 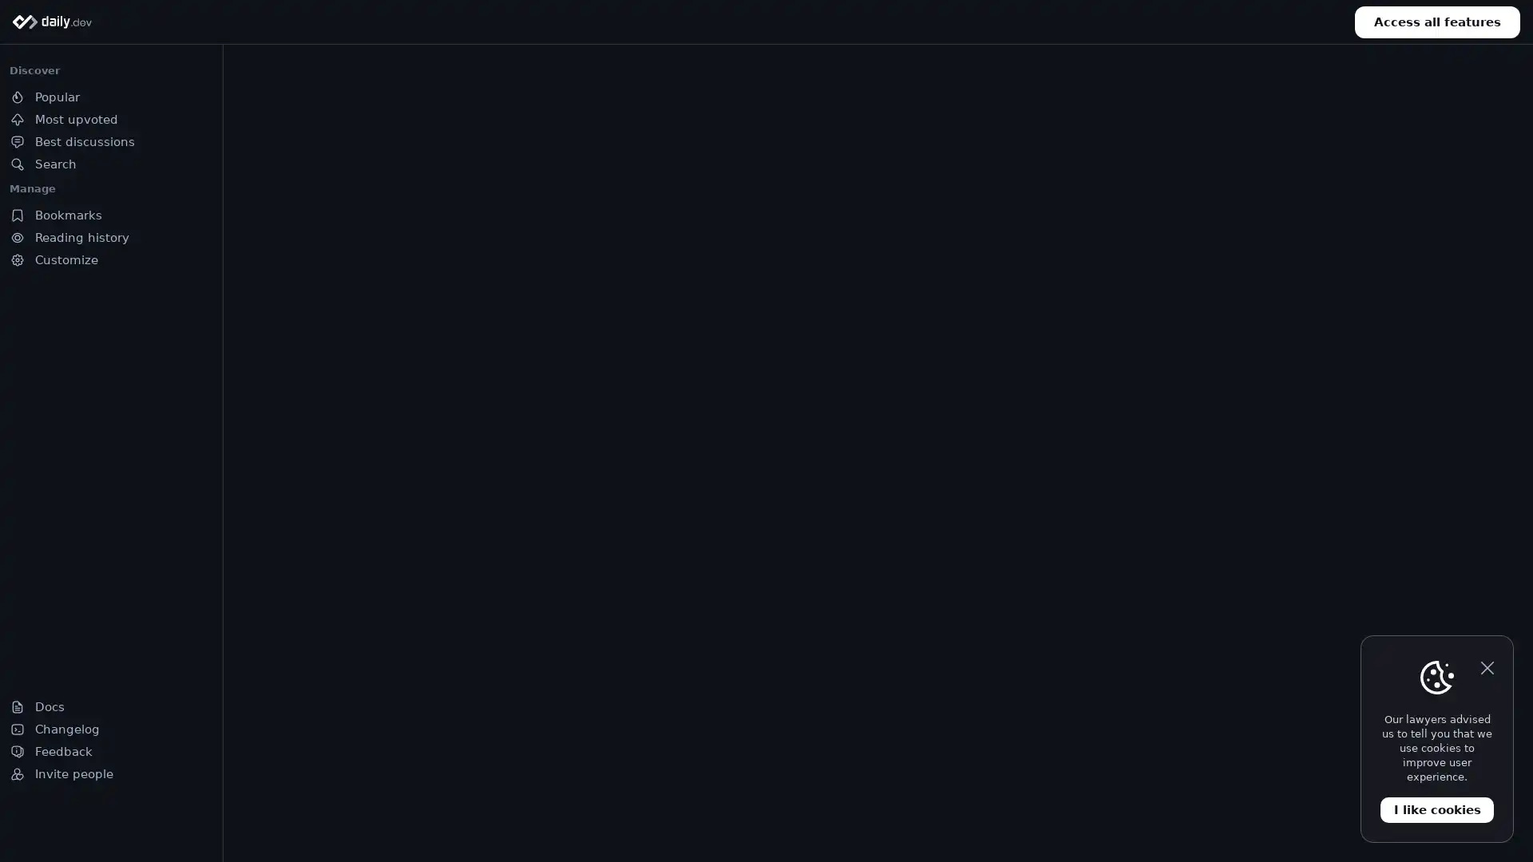 I want to click on Bookmark, so click(x=1110, y=778).